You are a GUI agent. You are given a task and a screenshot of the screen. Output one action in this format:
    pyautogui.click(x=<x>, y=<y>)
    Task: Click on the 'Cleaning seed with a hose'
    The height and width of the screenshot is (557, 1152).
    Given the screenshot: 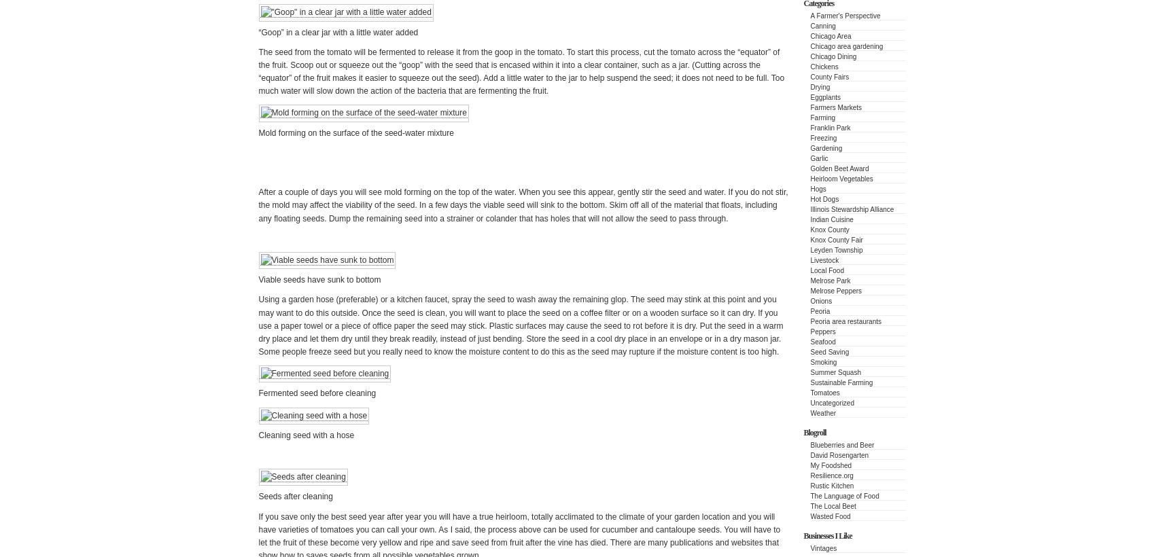 What is the action you would take?
    pyautogui.click(x=306, y=434)
    